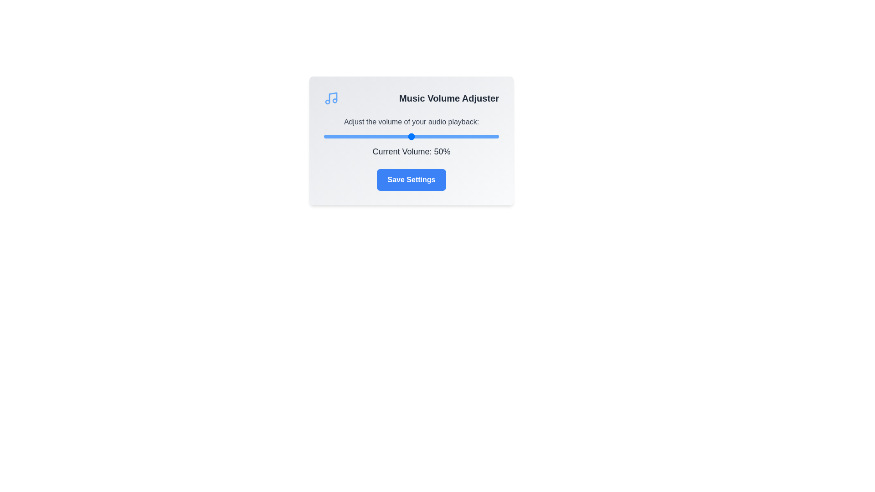 The height and width of the screenshot is (492, 875). What do you see at coordinates (432, 137) in the screenshot?
I see `the volume slider to 62%` at bounding box center [432, 137].